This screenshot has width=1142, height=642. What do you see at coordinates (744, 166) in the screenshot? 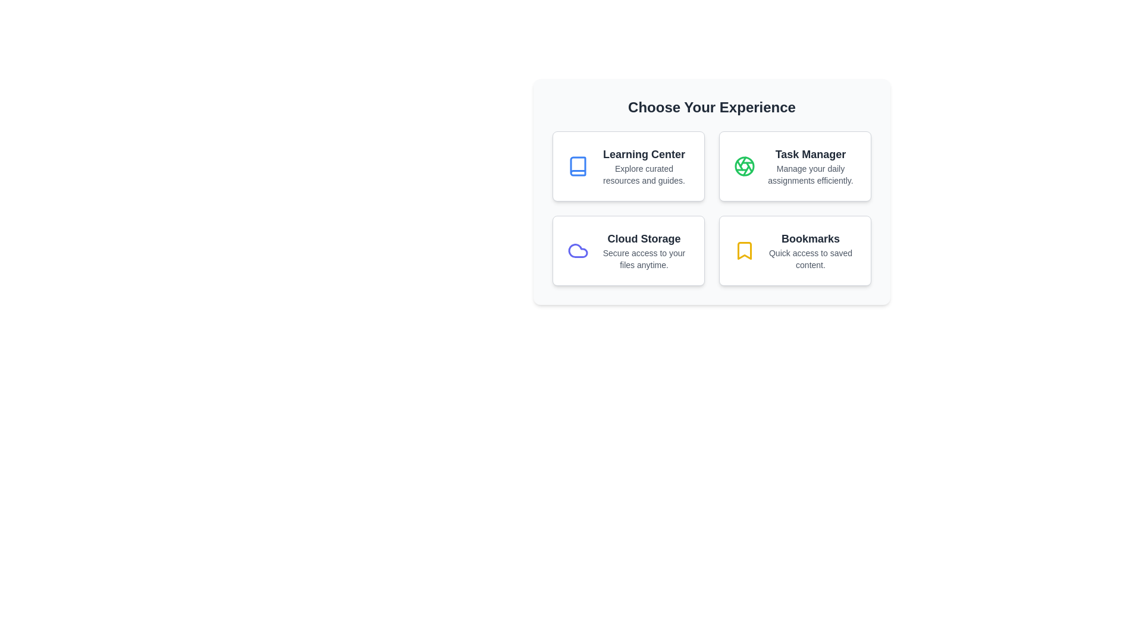
I see `the 'Task Manager' icon, which is located in the second column of the first row under the 'Choose Your Experience' header, directly above the text 'Manage your daily assignments efficiently.'` at bounding box center [744, 166].